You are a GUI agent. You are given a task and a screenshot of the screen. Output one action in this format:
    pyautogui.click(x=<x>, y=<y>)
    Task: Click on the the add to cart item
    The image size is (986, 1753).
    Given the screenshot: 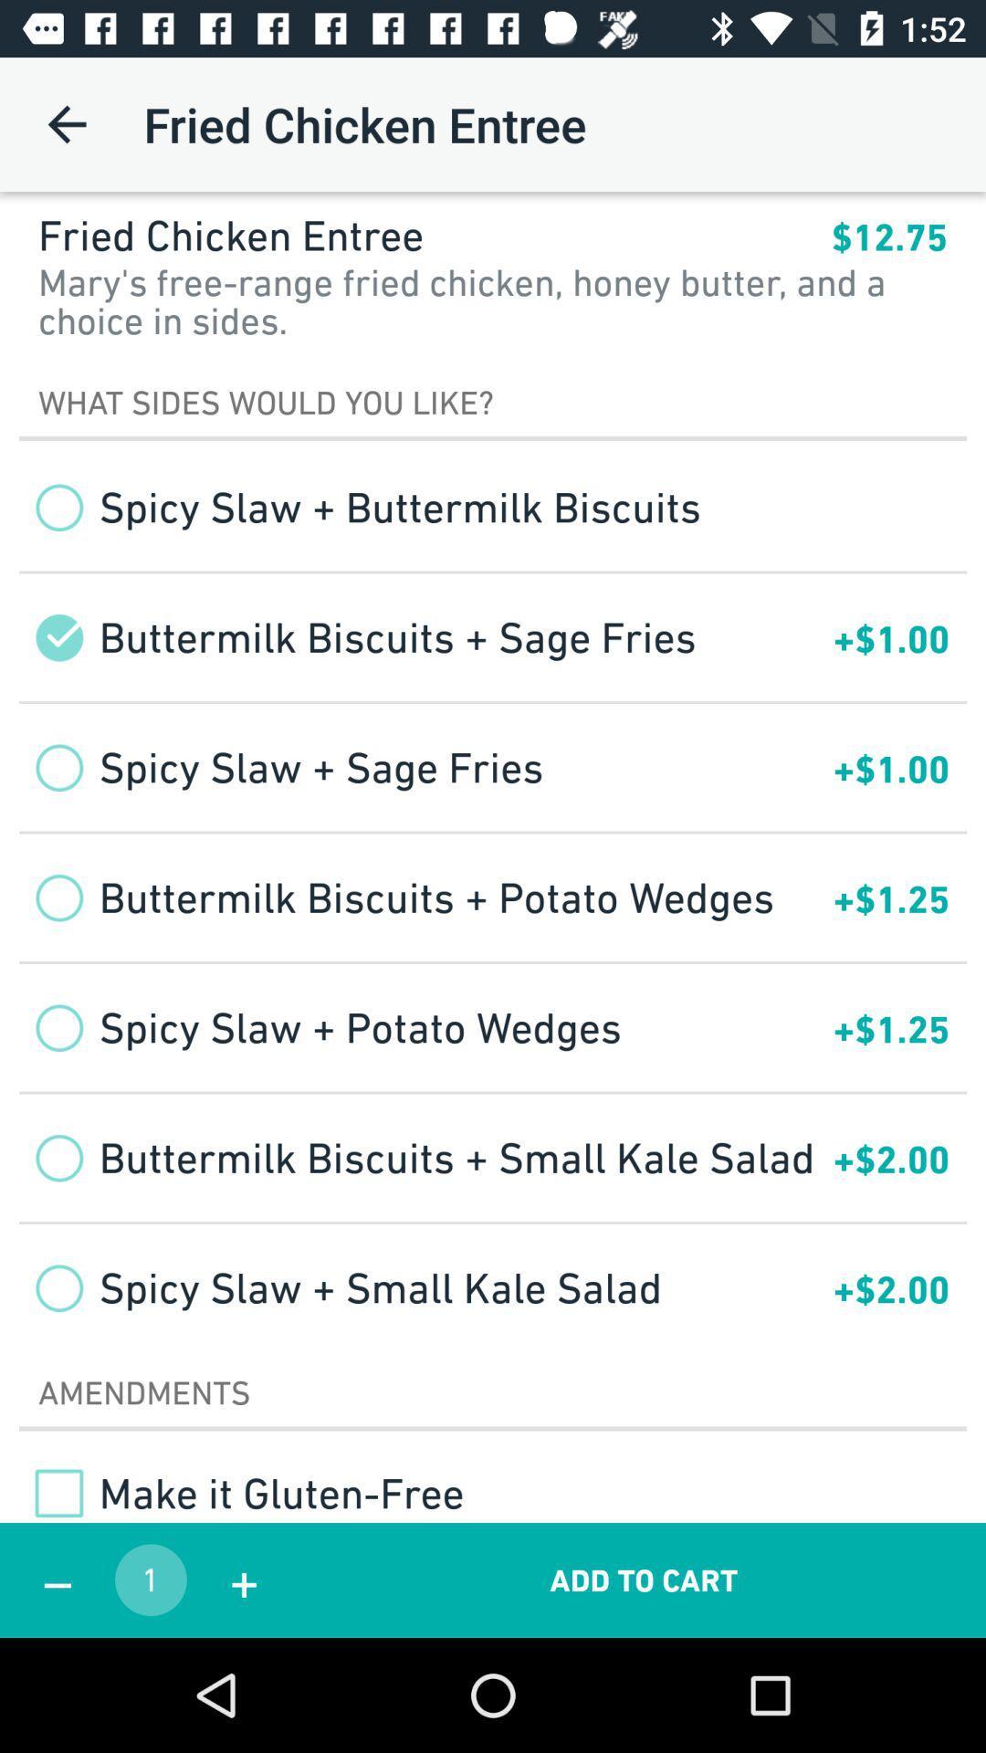 What is the action you would take?
    pyautogui.click(x=643, y=1580)
    